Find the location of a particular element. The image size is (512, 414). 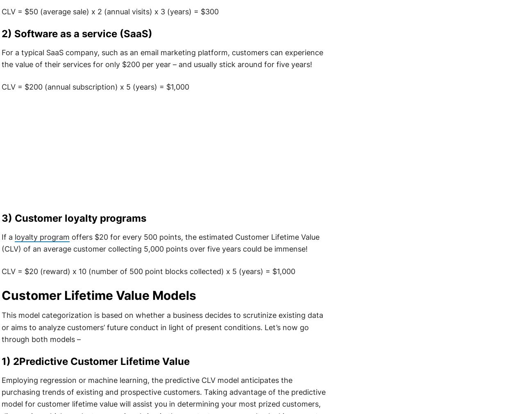

'For a typical SaaS company, such as an email marketing platform, customers can experience the value of their services for only $200 per year – and usually stick around for five years!' is located at coordinates (162, 58).